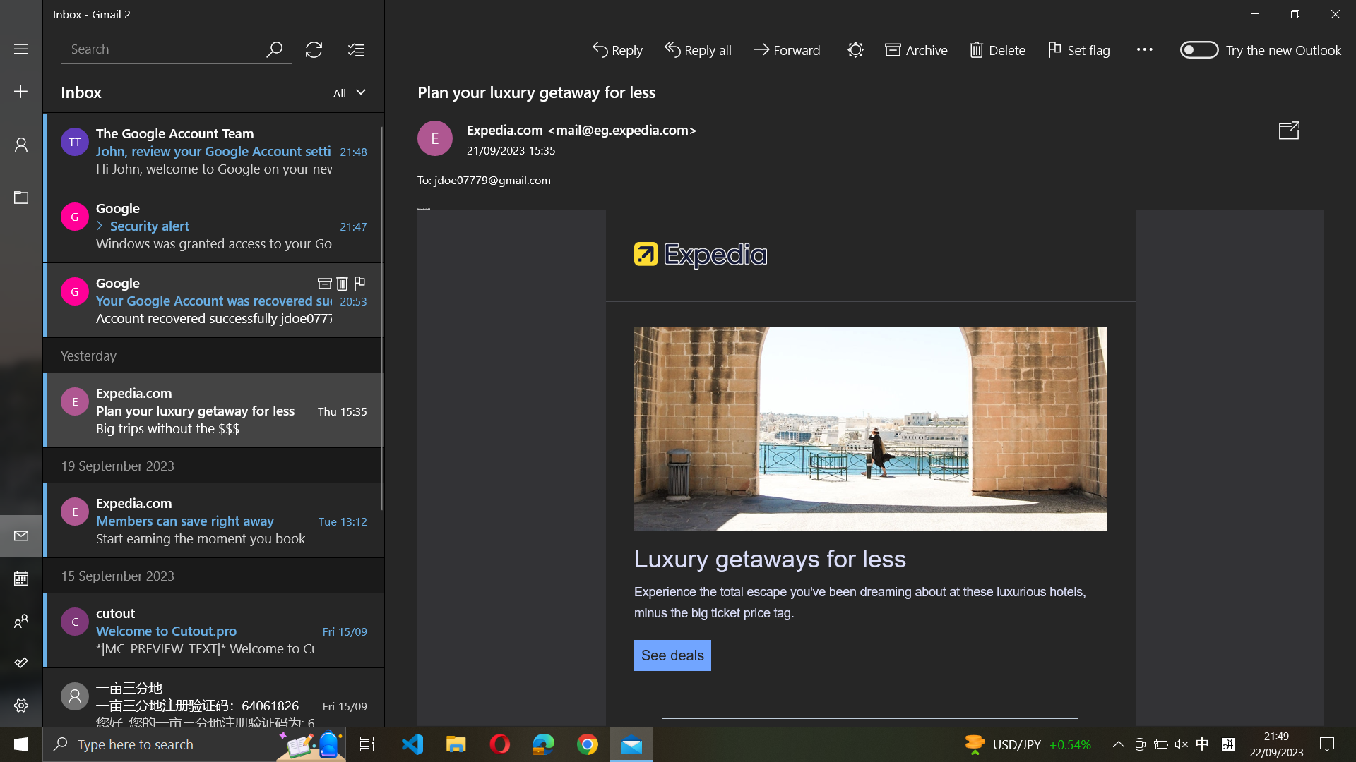 This screenshot has width=1356, height=762. I want to click on Send the active email to the archive, so click(915, 47).